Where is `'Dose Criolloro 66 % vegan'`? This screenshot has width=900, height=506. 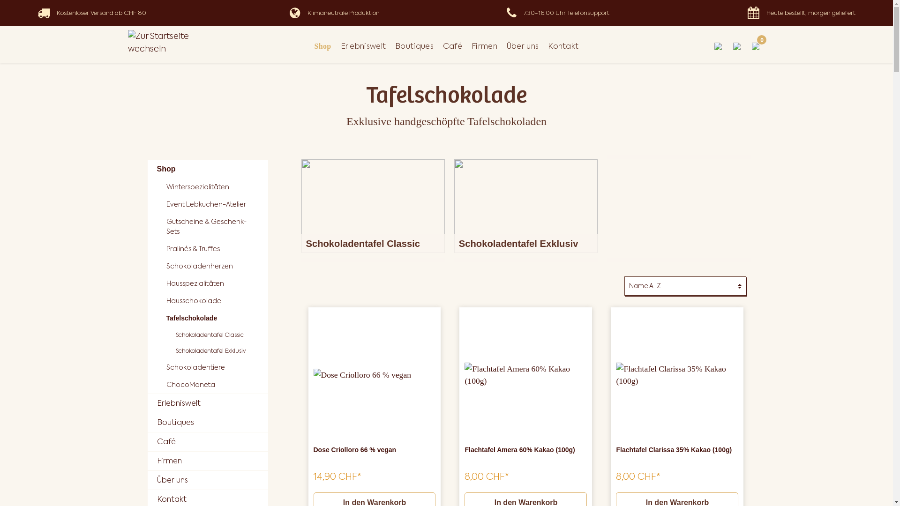
'Dose Criolloro 66 % vegan' is located at coordinates (313, 454).